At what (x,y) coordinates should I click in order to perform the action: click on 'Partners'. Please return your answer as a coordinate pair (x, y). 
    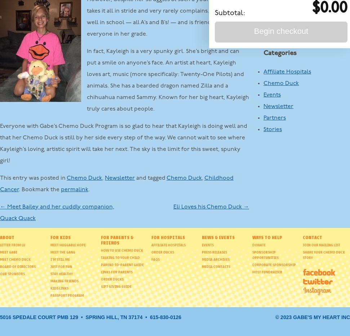
    Looking at the image, I should click on (263, 117).